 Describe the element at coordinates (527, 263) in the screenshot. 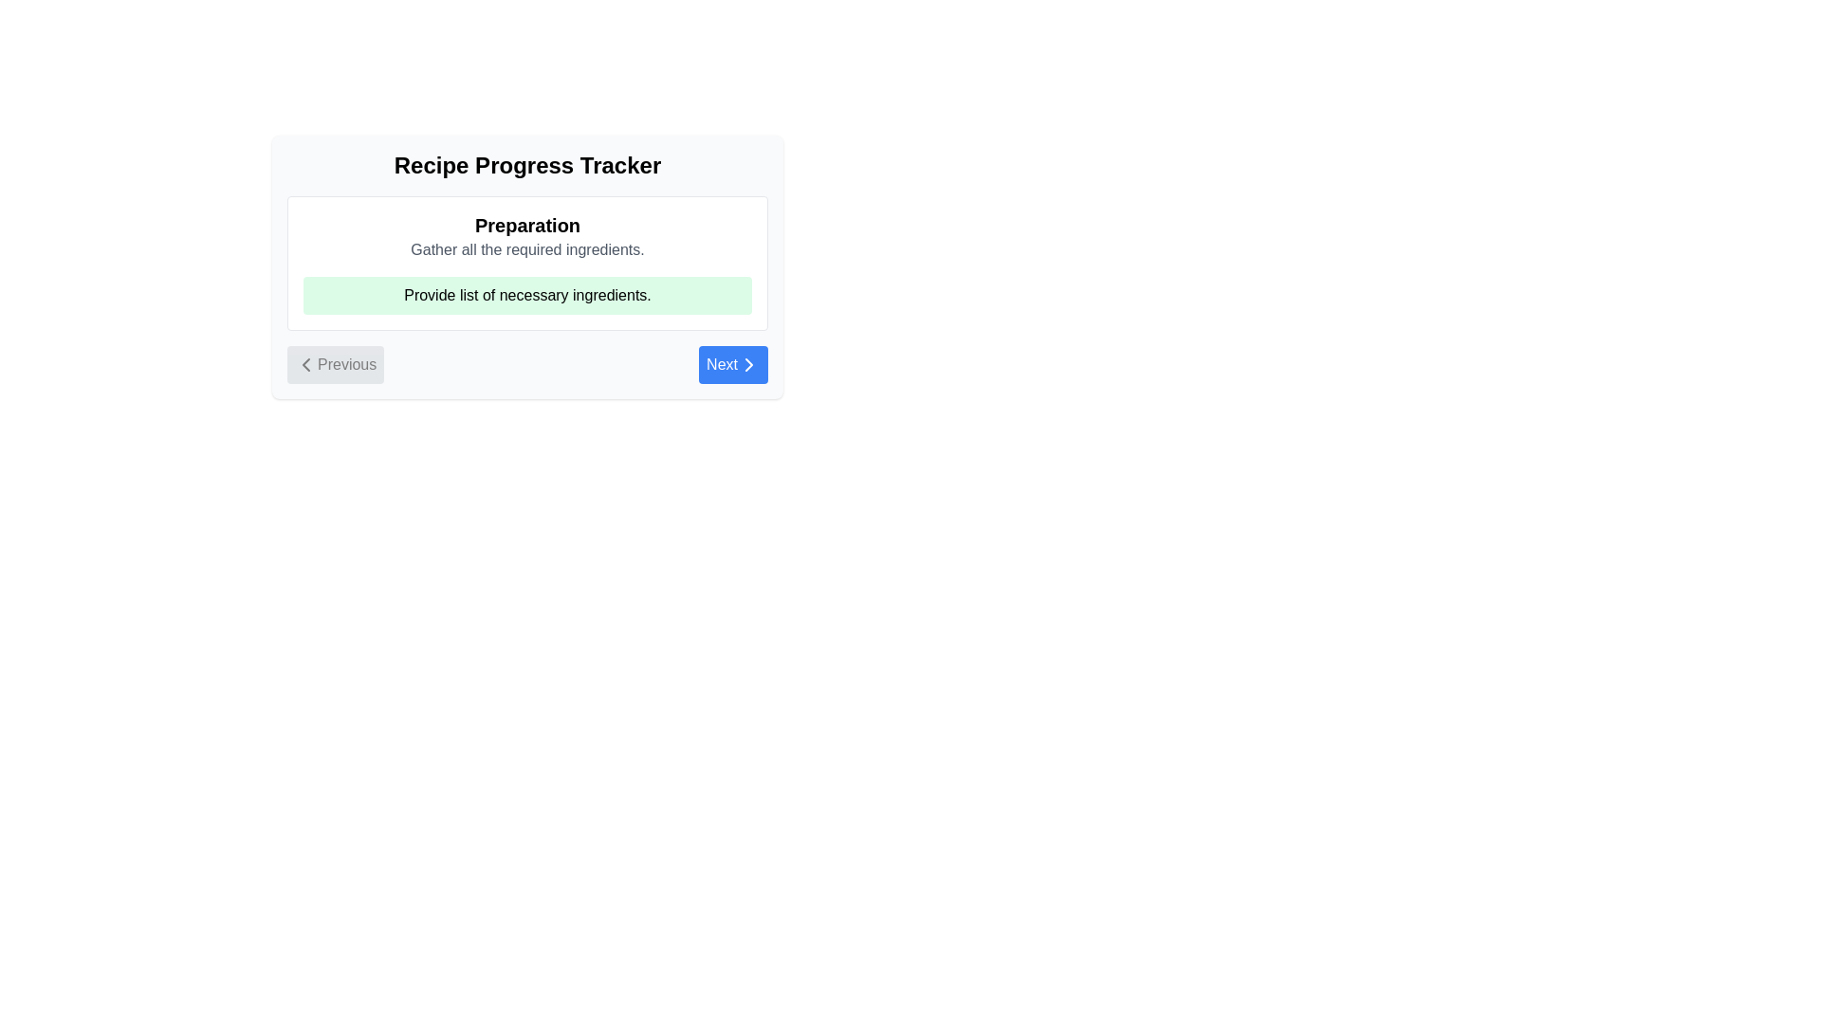

I see `information presented in the Instructional Section of the Recipe Progress Tracker, which is located centrally below the title and above the navigation buttons` at that location.